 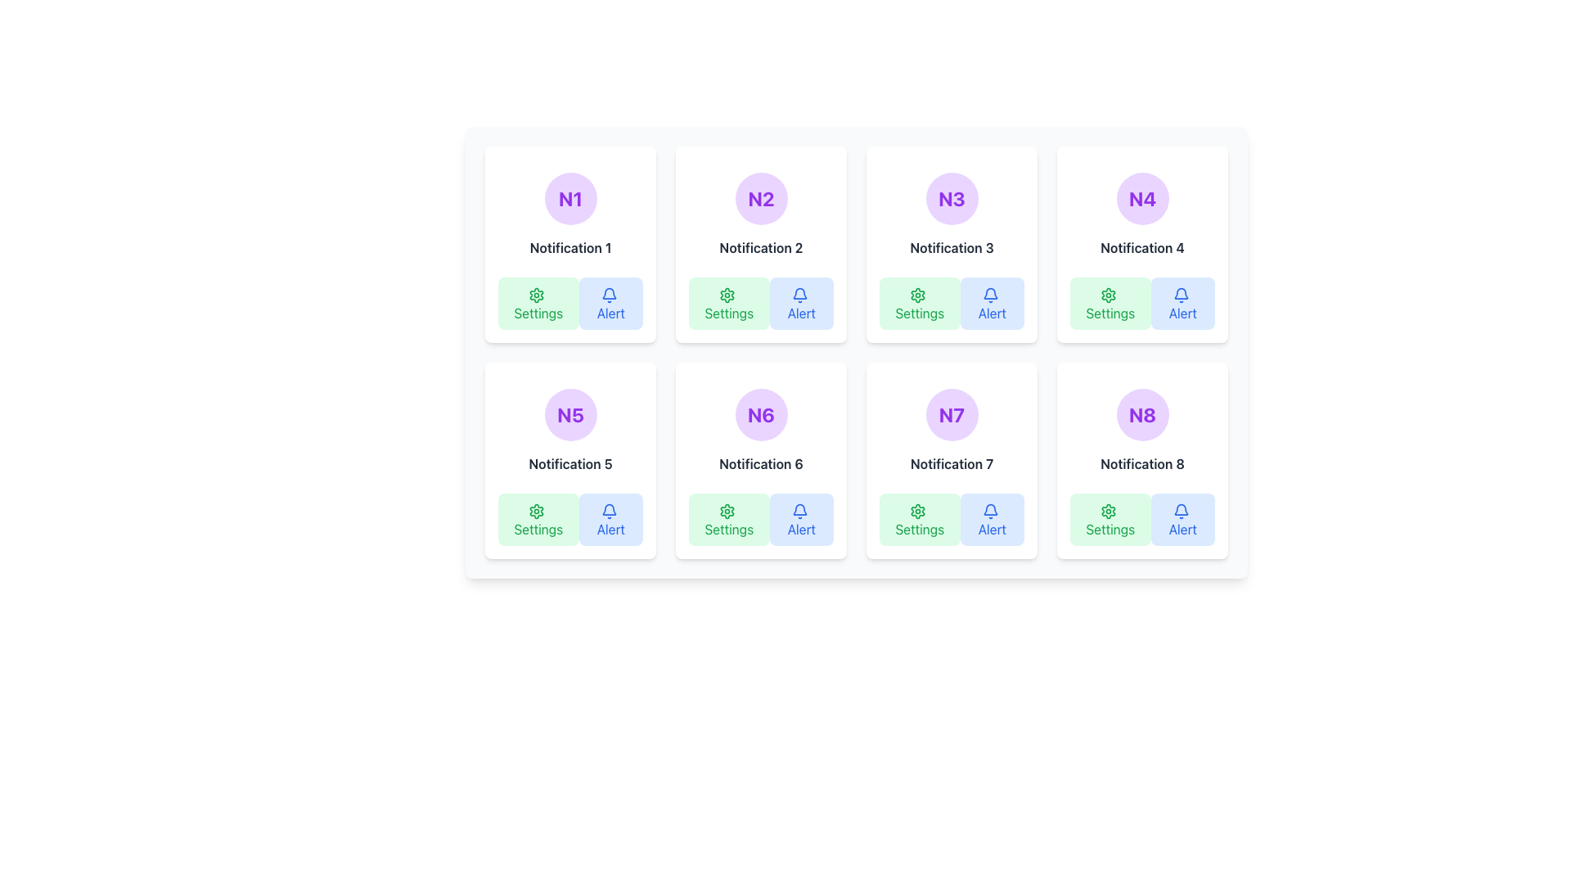 What do you see at coordinates (1182, 520) in the screenshot?
I see `the 'Alert' button with a rounded rectangle shape, light blue background, and blue text located in the 'Notification 8' card` at bounding box center [1182, 520].